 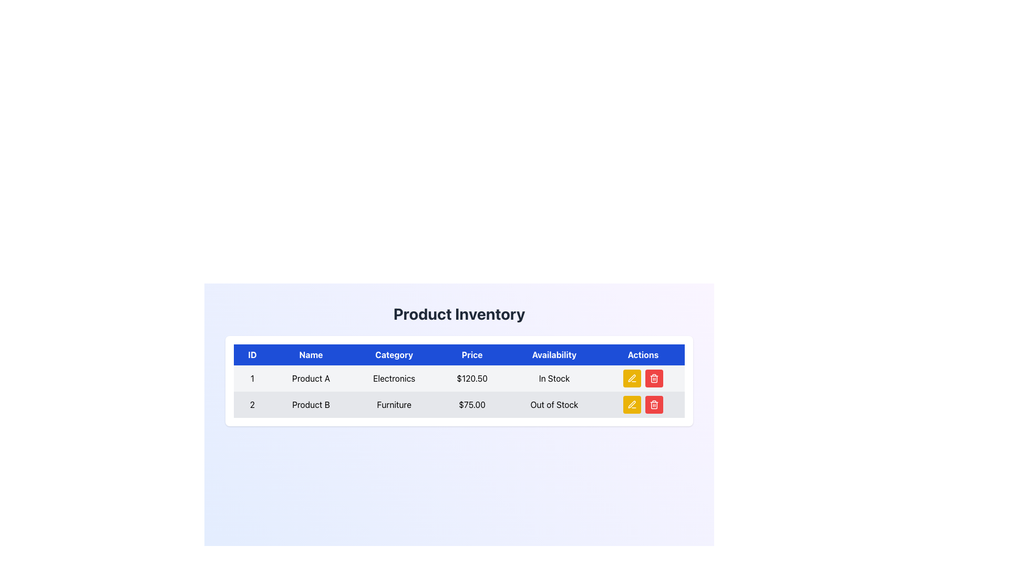 I want to click on the static text label displaying the price of the first product in the inventory table, located between the 'Electronics' category and 'In Stock' availability, so click(x=471, y=379).